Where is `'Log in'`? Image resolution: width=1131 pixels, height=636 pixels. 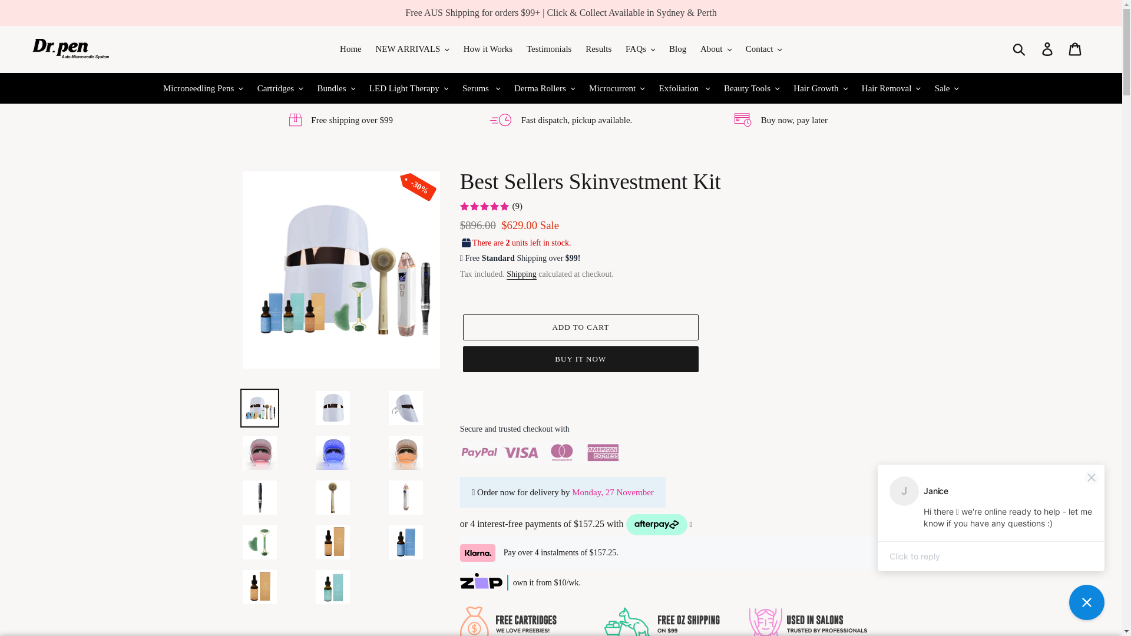 'Log in' is located at coordinates (1034, 48).